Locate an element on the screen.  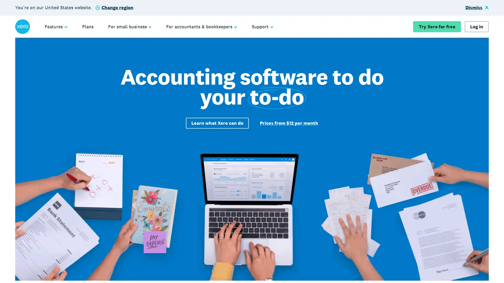
For accountants & bookkeepers is located at coordinates (201, 26).